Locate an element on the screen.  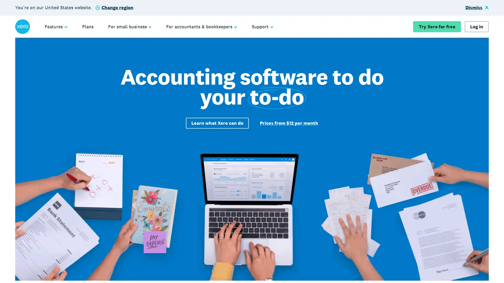
For accountants & bookkeepers is located at coordinates (201, 26).